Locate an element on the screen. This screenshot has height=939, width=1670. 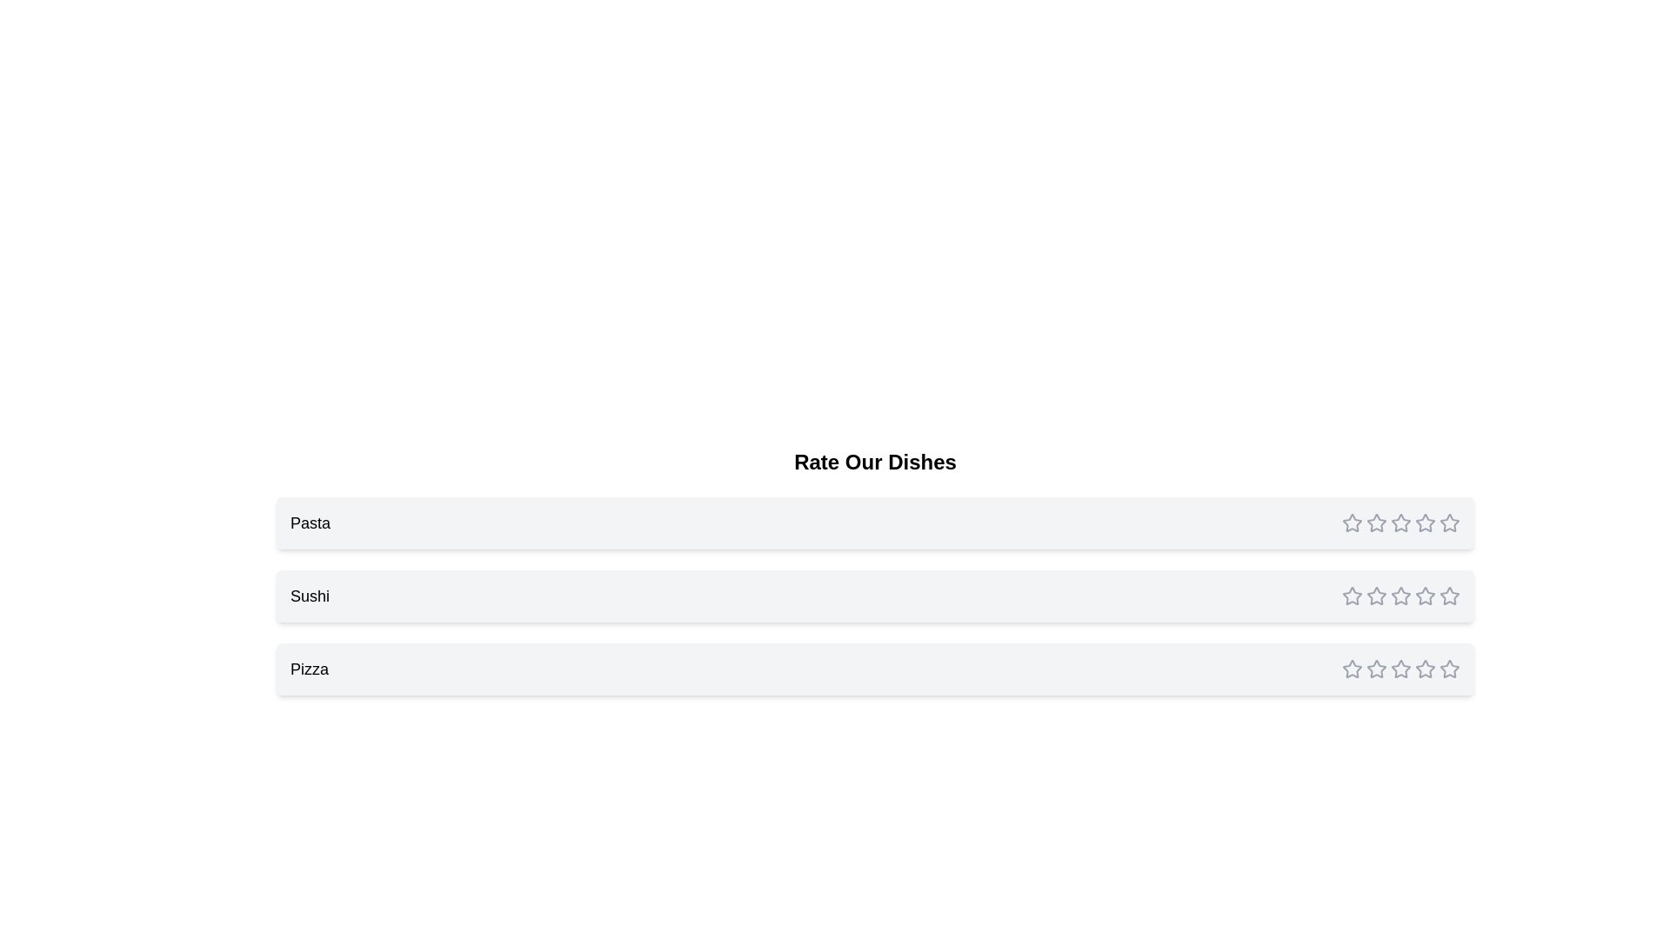
the fourth star icon in the Sushi row is located at coordinates (1425, 596).